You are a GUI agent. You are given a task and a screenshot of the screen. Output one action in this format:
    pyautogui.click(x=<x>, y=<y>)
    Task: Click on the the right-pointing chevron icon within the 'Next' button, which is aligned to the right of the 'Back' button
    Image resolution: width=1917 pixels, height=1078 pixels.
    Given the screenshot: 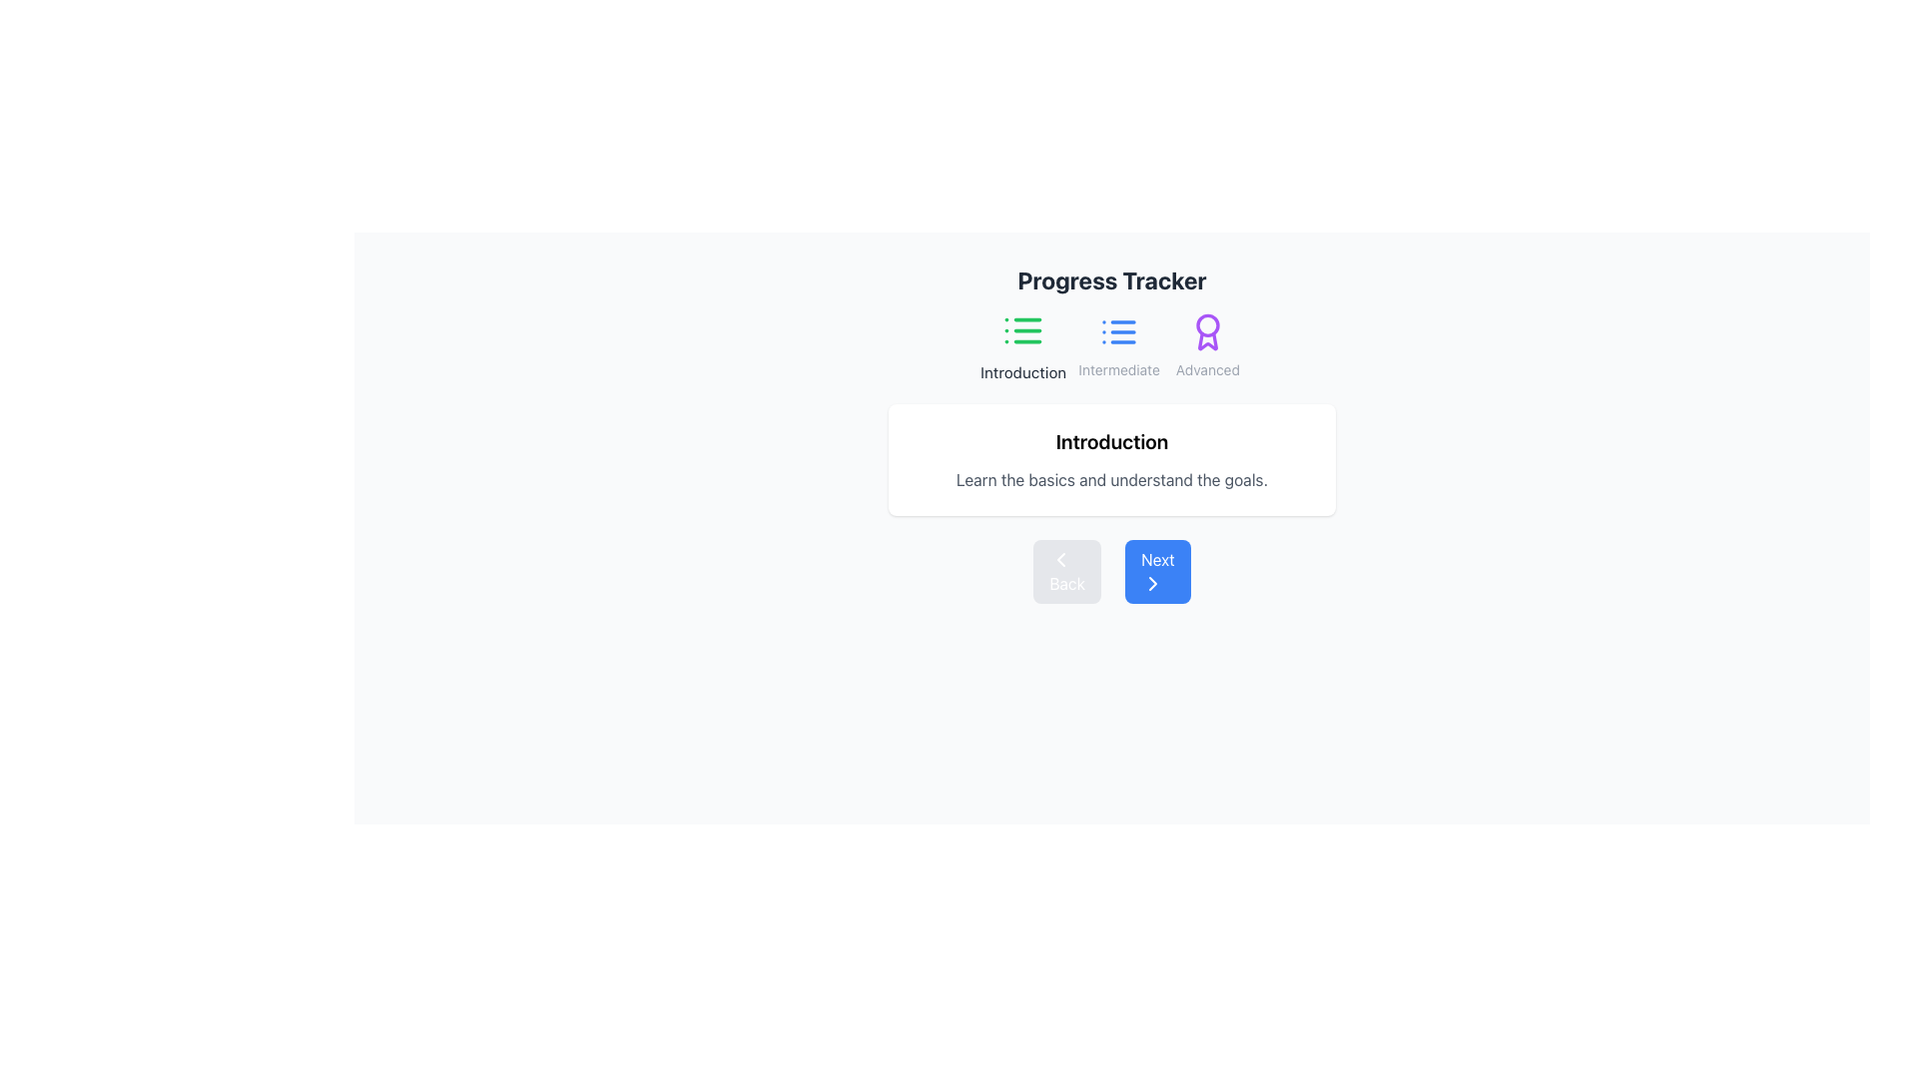 What is the action you would take?
    pyautogui.click(x=1153, y=584)
    